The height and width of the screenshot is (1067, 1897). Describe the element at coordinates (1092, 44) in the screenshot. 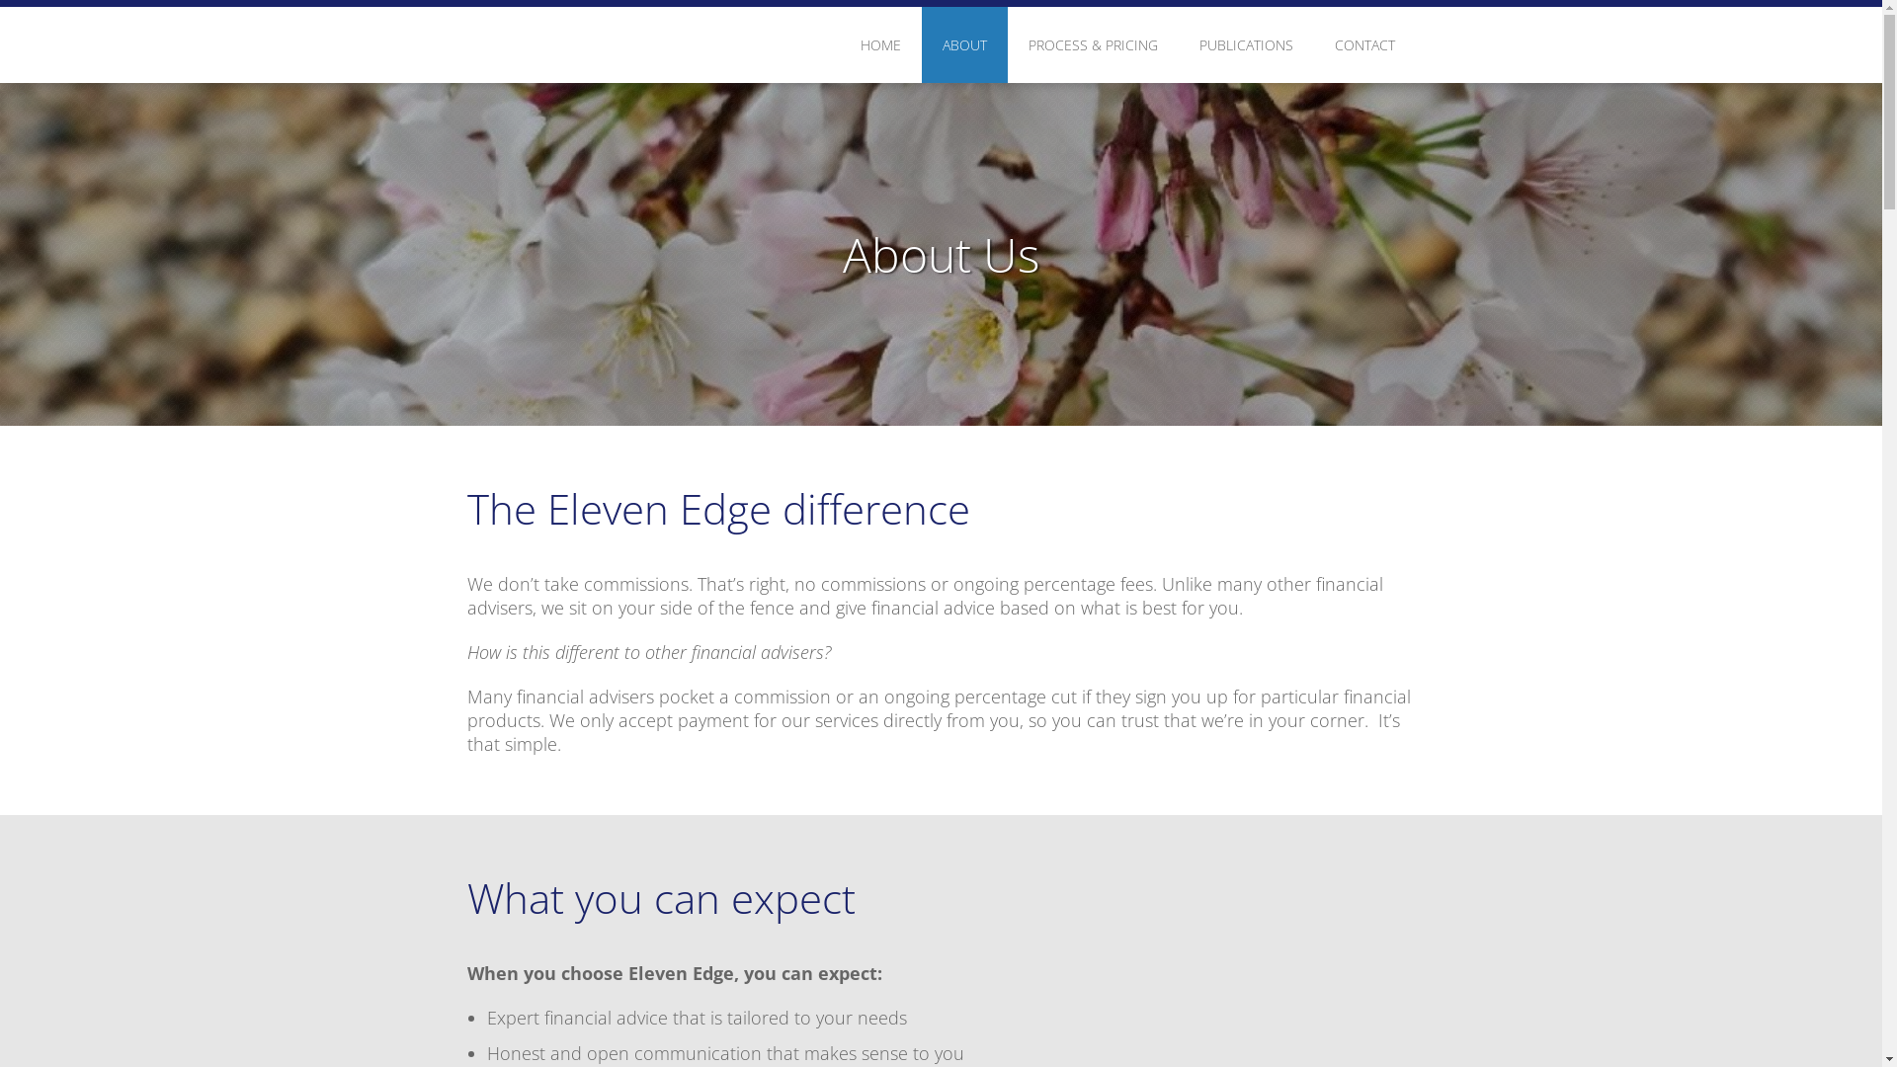

I see `'PROCESS & PRICING'` at that location.